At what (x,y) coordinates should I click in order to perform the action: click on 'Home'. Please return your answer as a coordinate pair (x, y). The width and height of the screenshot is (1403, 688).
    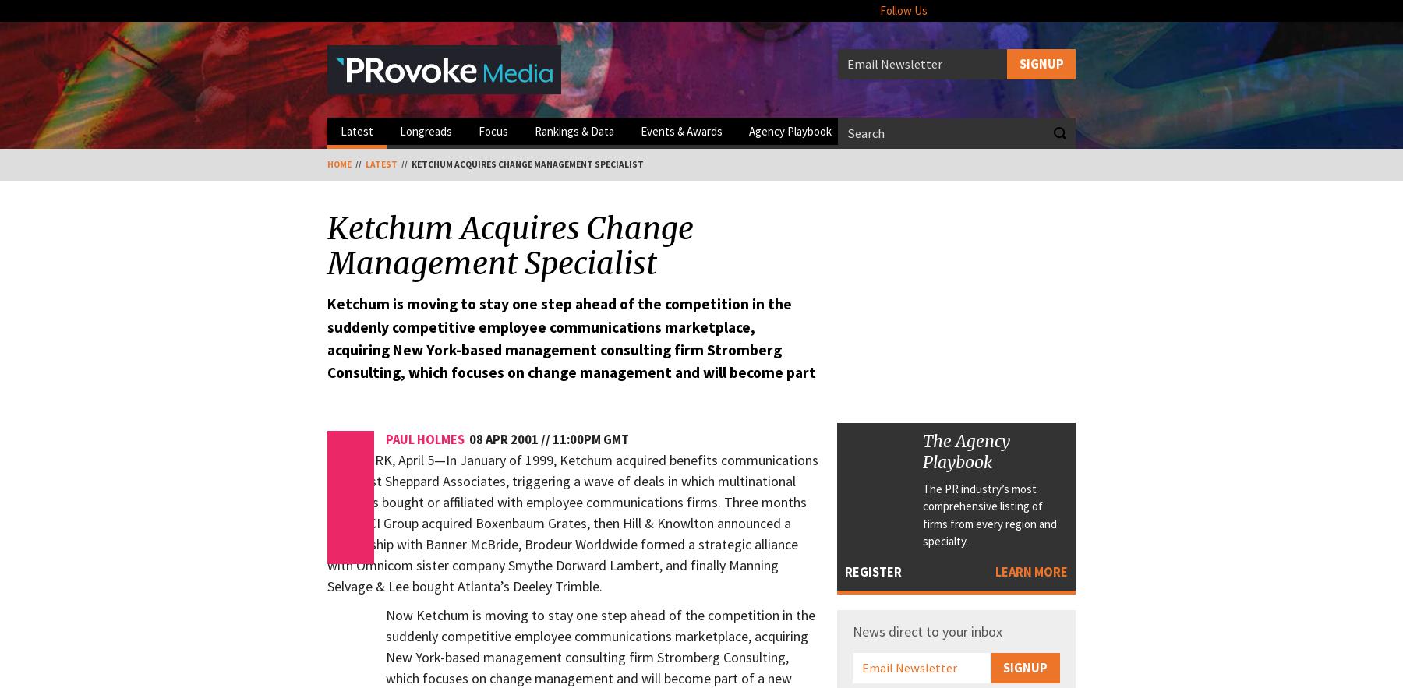
    Looking at the image, I should click on (339, 163).